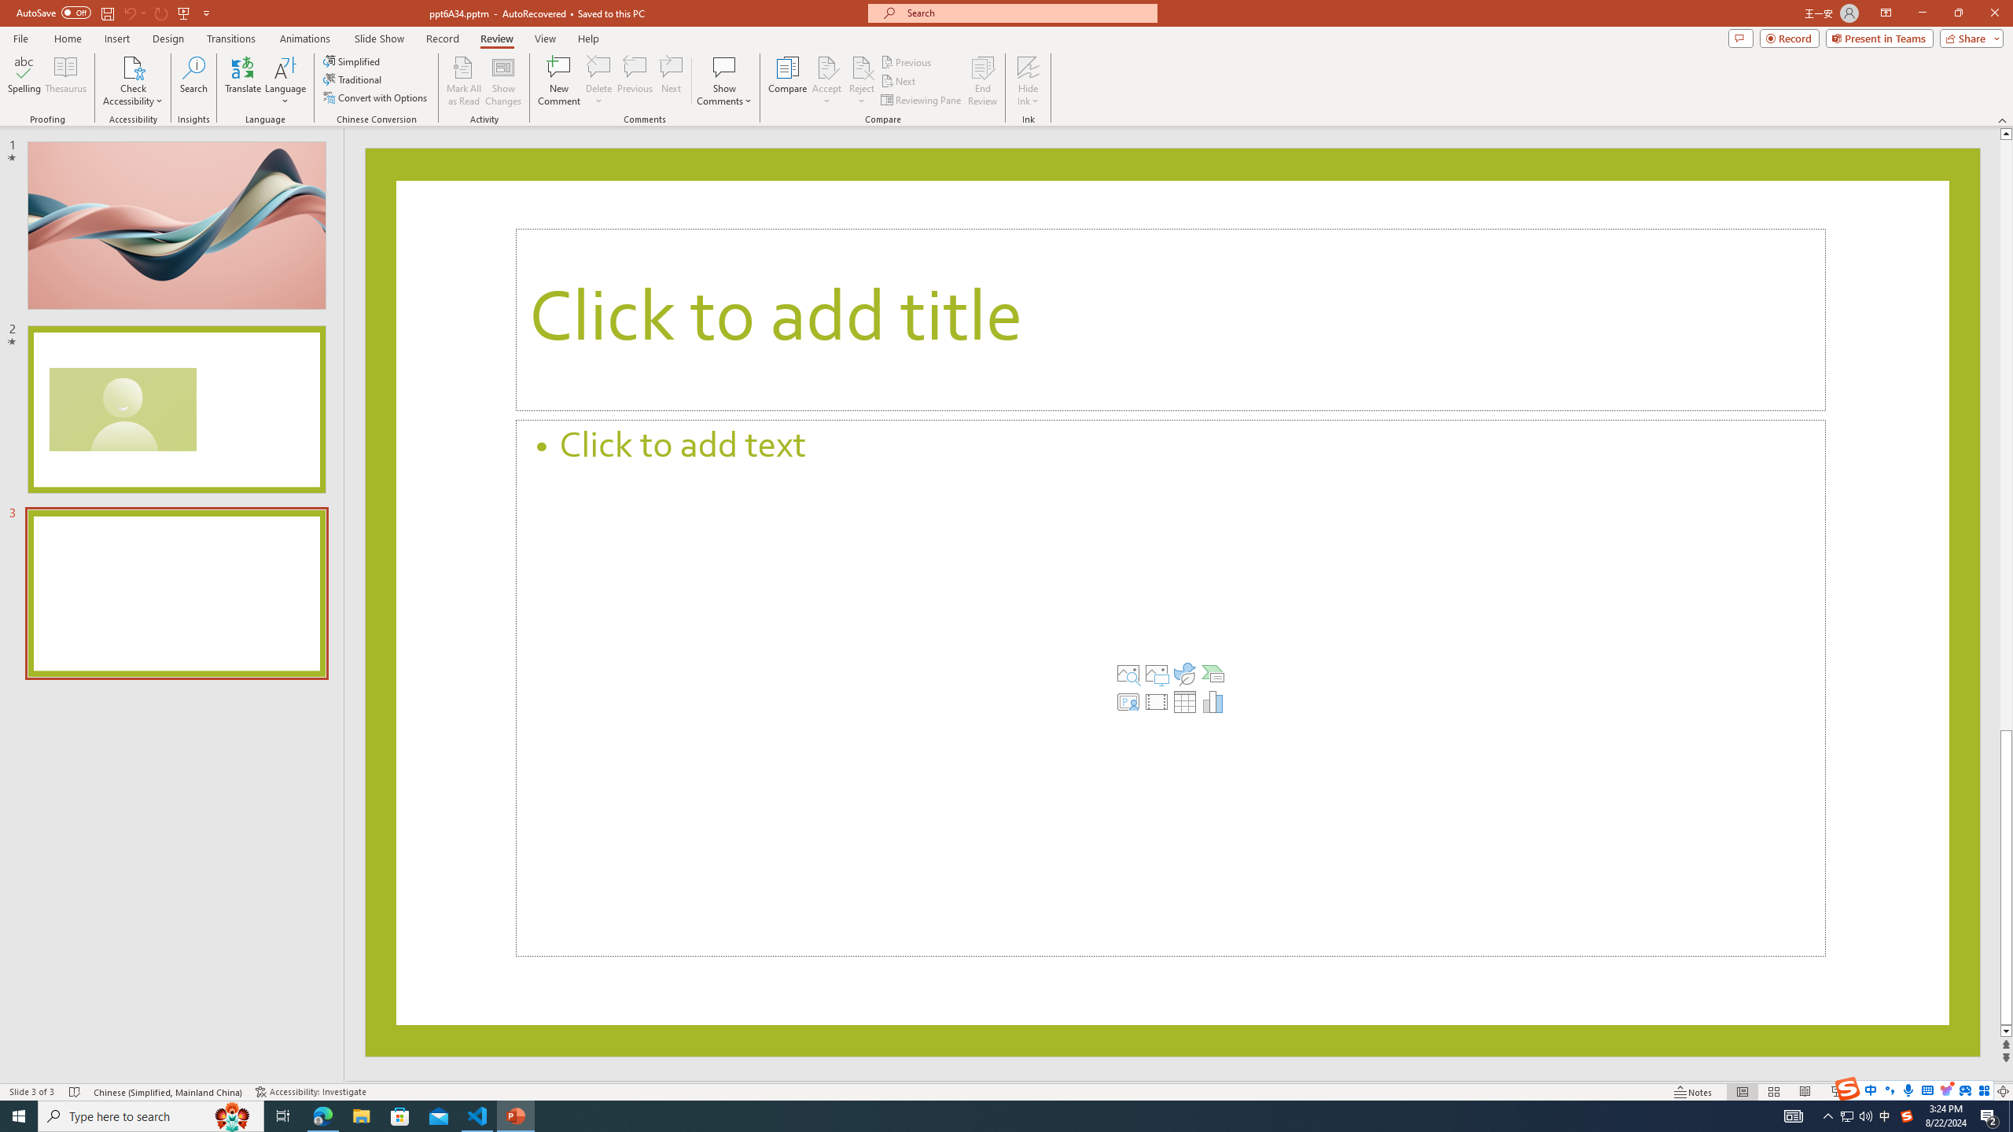 The height and width of the screenshot is (1132, 2013). I want to click on 'Previous', so click(907, 61).